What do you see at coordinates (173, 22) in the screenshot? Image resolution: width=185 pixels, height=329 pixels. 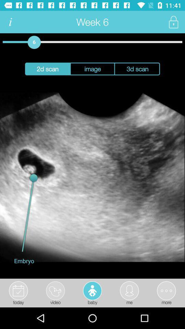 I see `to lock` at bounding box center [173, 22].